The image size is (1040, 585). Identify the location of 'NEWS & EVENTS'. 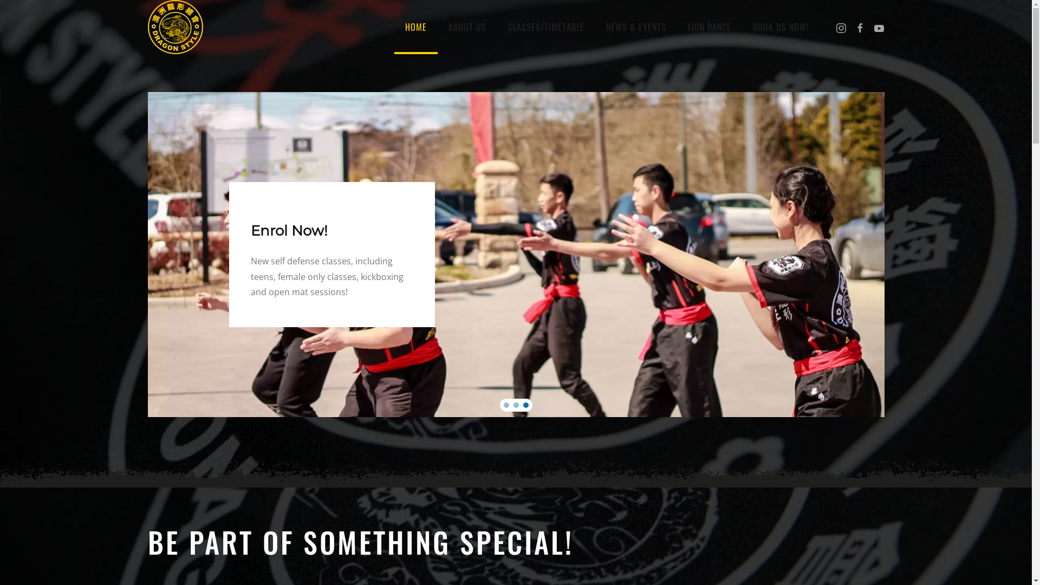
(635, 27).